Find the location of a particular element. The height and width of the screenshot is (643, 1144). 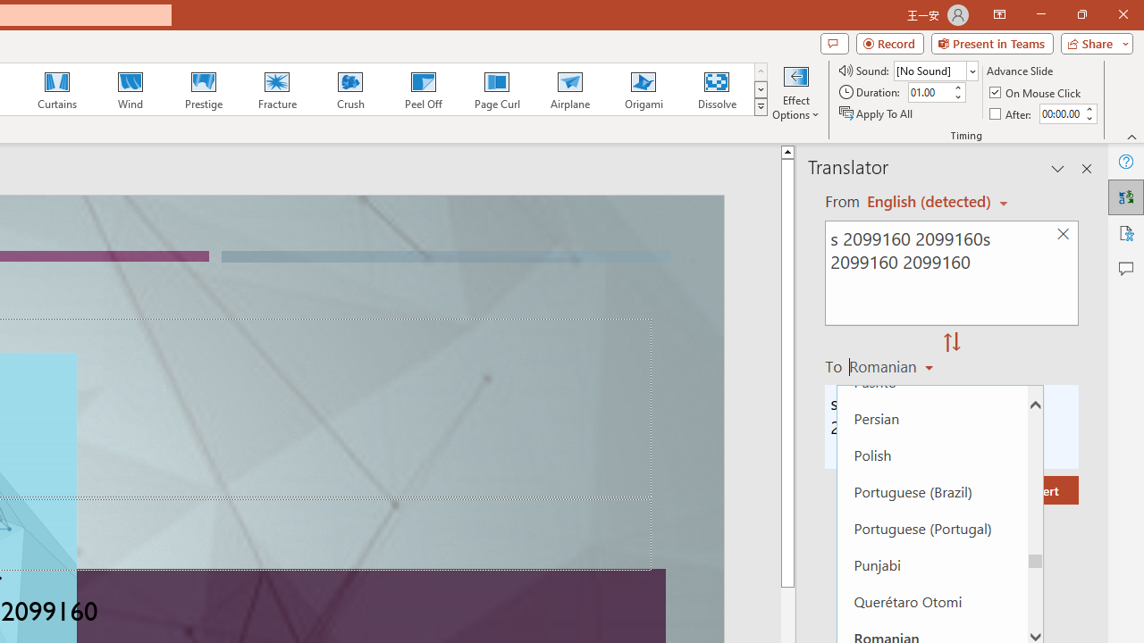

'Fracture' is located at coordinates (275, 89).